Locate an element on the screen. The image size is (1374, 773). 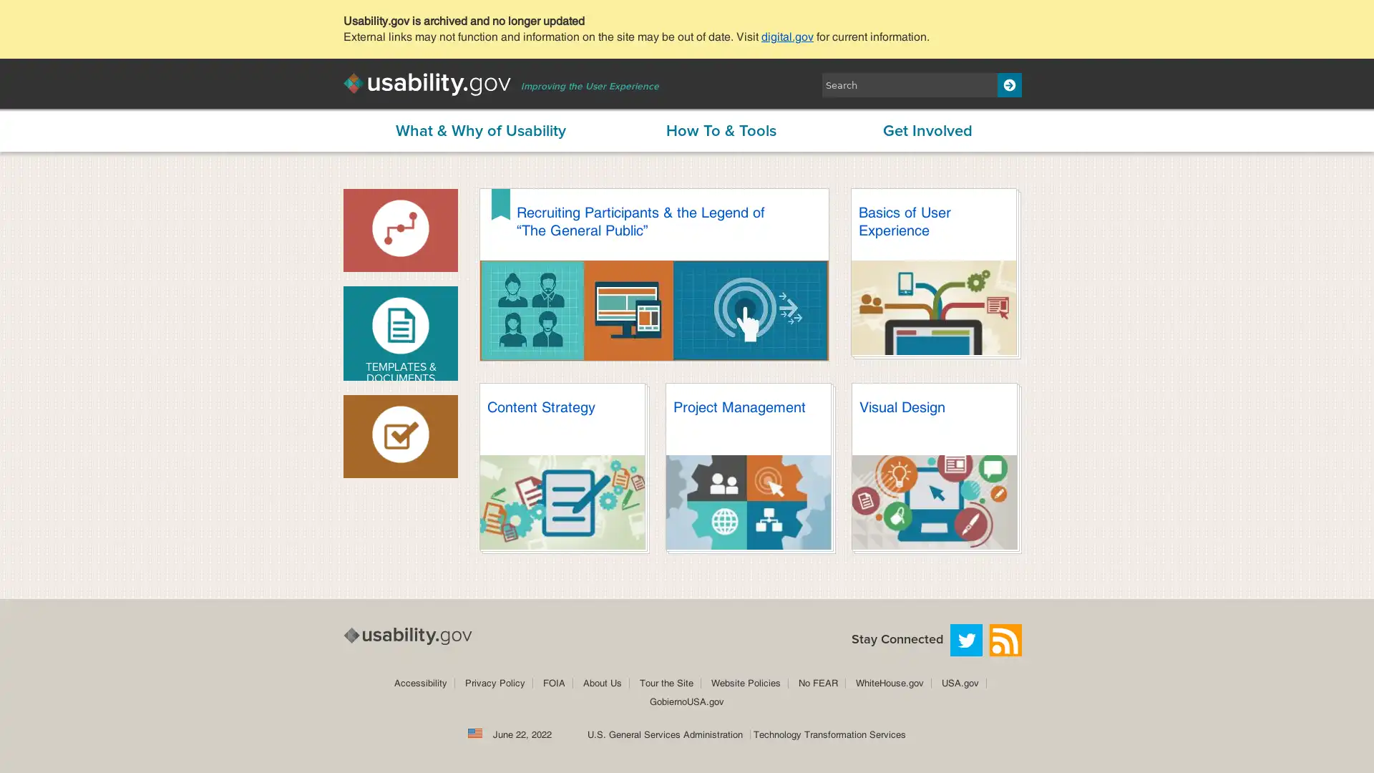
Search is located at coordinates (1009, 85).